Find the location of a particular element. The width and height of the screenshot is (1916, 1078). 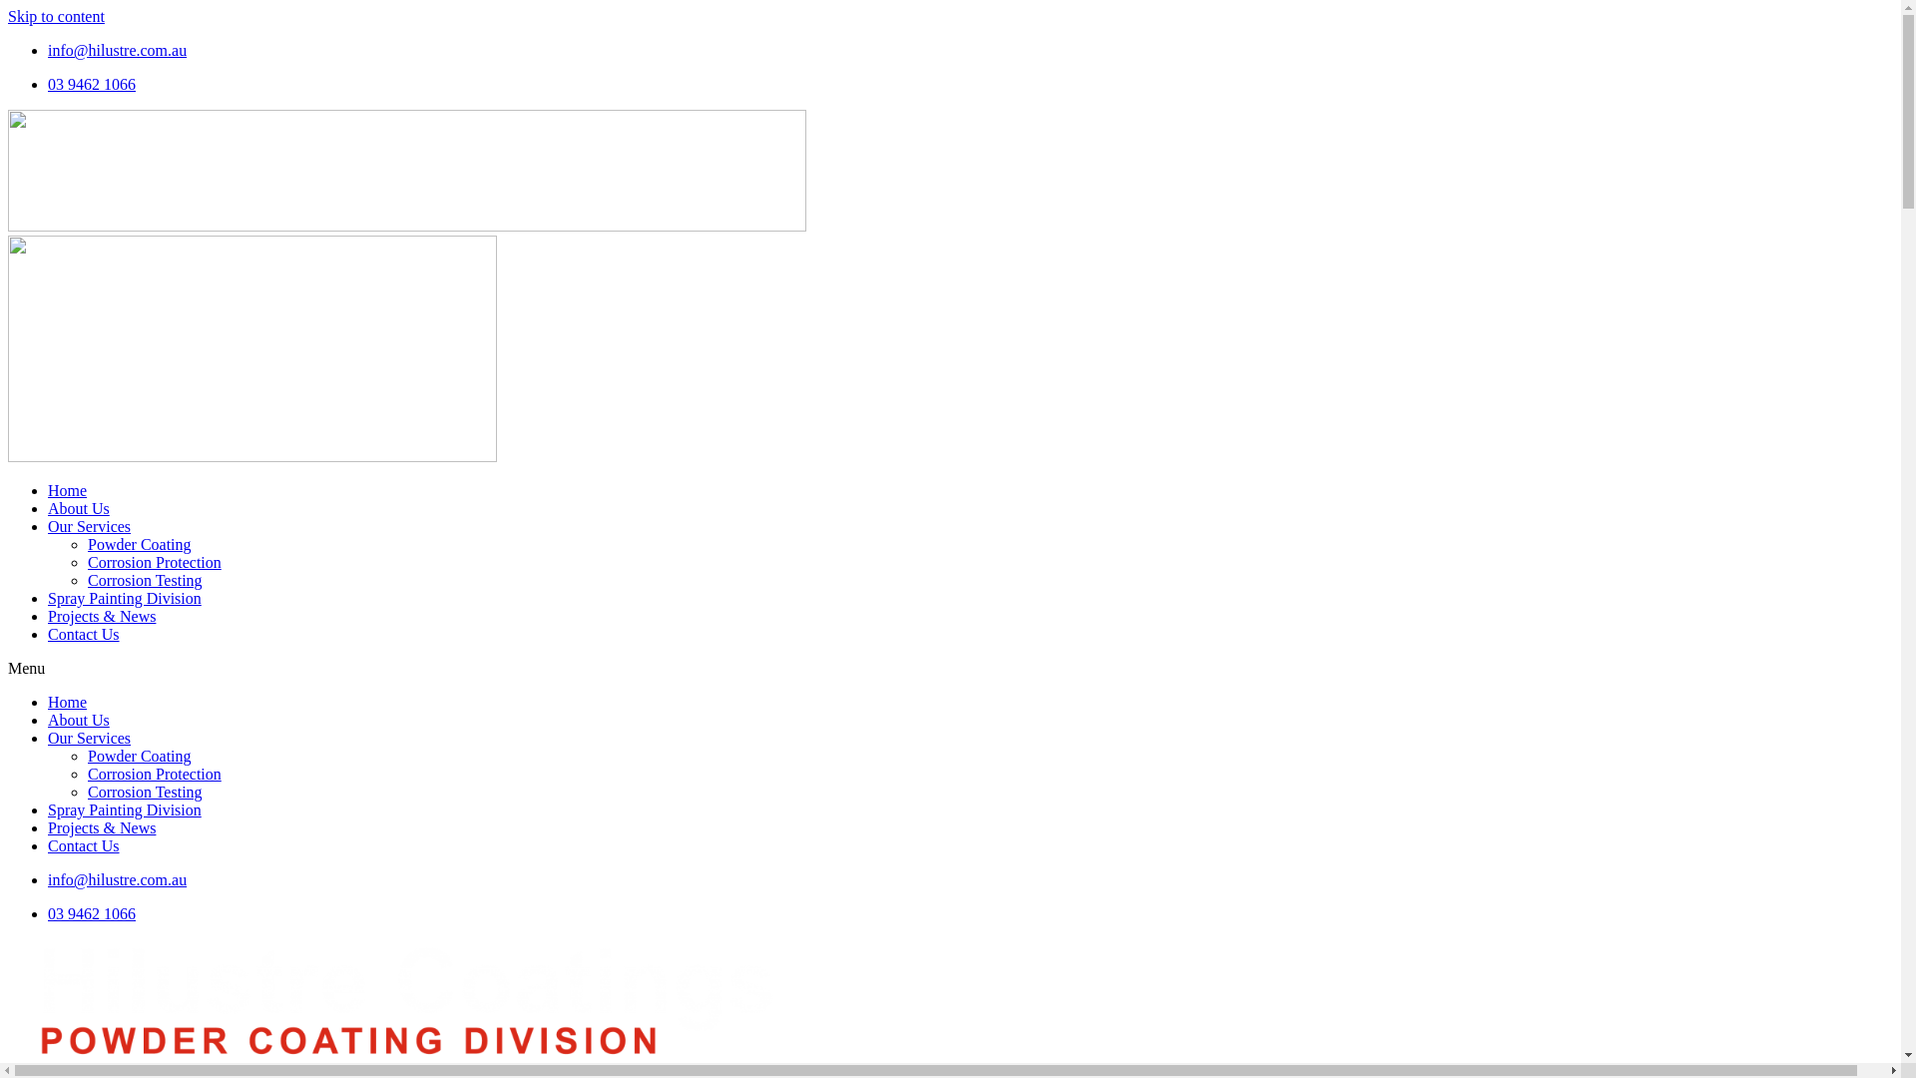

'Powder Coating' is located at coordinates (138, 756).